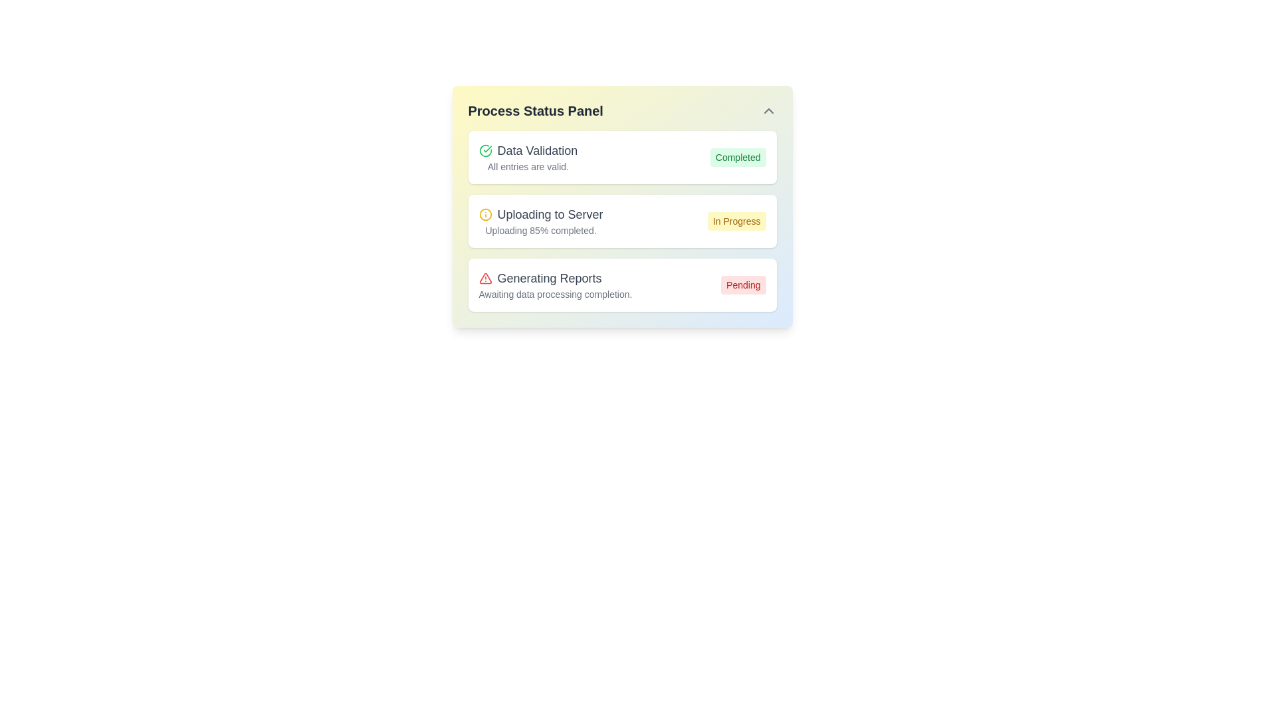 Image resolution: width=1276 pixels, height=718 pixels. I want to click on the status indication of the rectangular label displaying 'Pending' in red, located at the rightmost part of the 'Generating Reports' section in the status panel, so click(742, 284).